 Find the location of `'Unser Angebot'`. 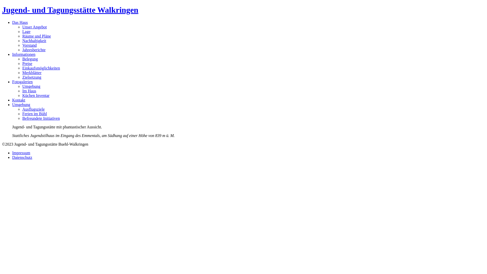

'Unser Angebot' is located at coordinates (34, 27).